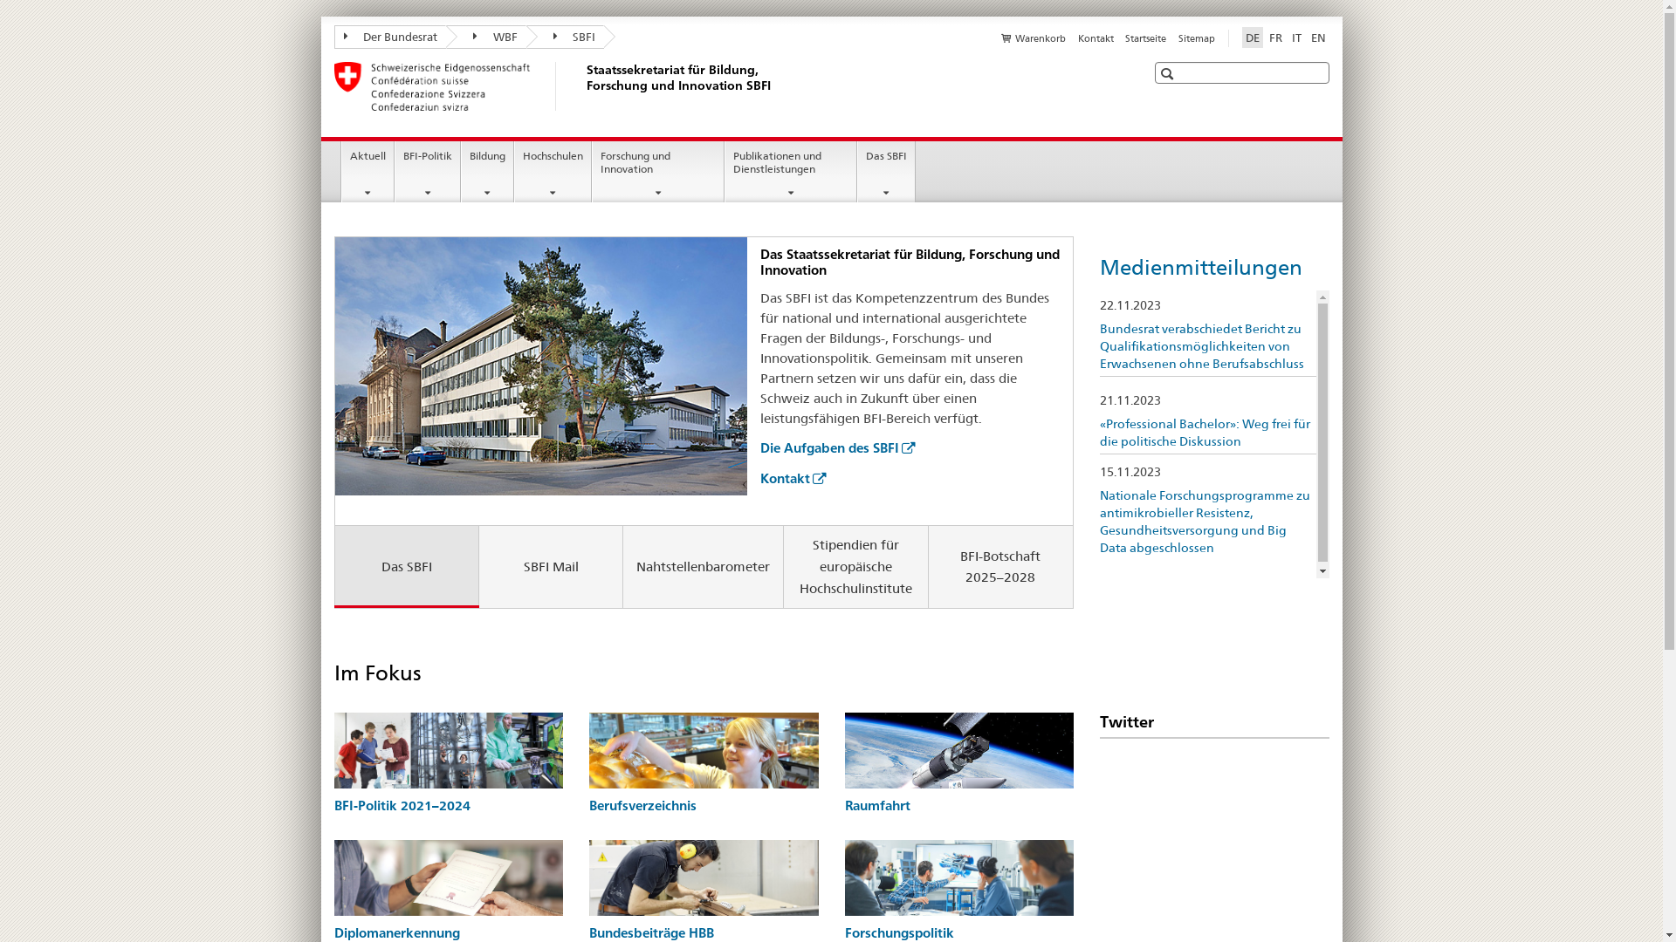  I want to click on 'Forschung und Innovation', so click(592, 171).